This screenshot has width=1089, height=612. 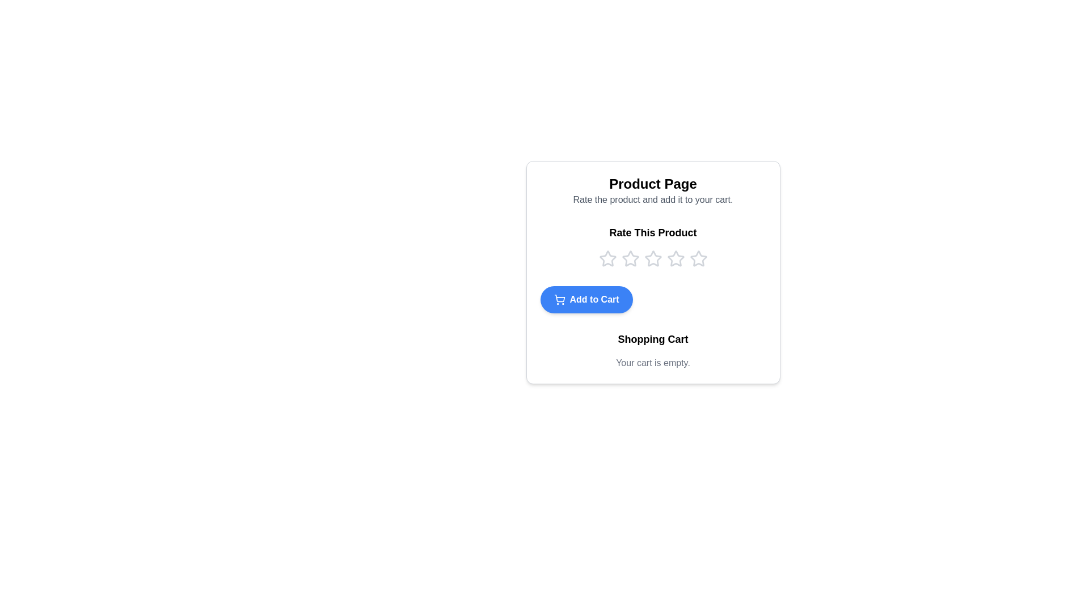 I want to click on the instructional text label that provides guidance on rating the product and adding it to the cart, positioned below the 'Product Page' header, so click(x=653, y=199).